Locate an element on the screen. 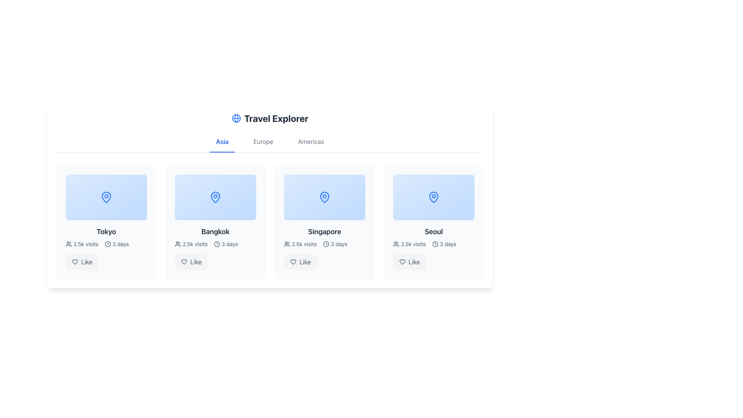 The height and width of the screenshot is (418, 743). the decorative icon located to the left of the '2.5k visits' text in the lower section of the card for 'Seoul' is located at coordinates (396, 244).